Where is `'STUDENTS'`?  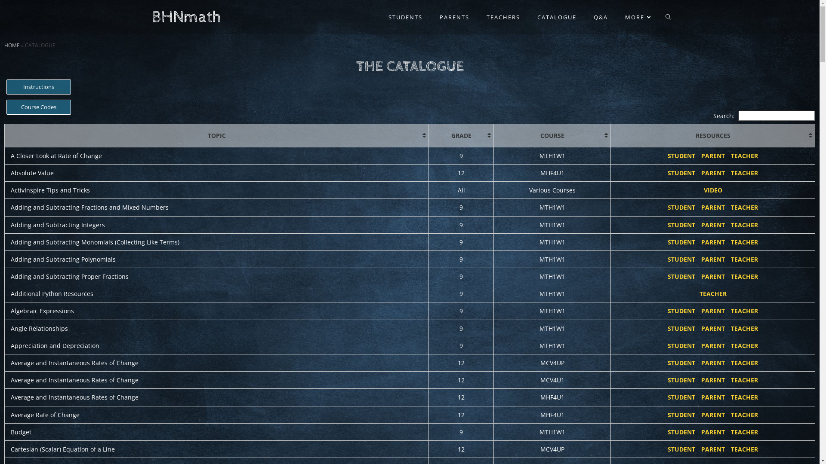 'STUDENTS' is located at coordinates (404, 17).